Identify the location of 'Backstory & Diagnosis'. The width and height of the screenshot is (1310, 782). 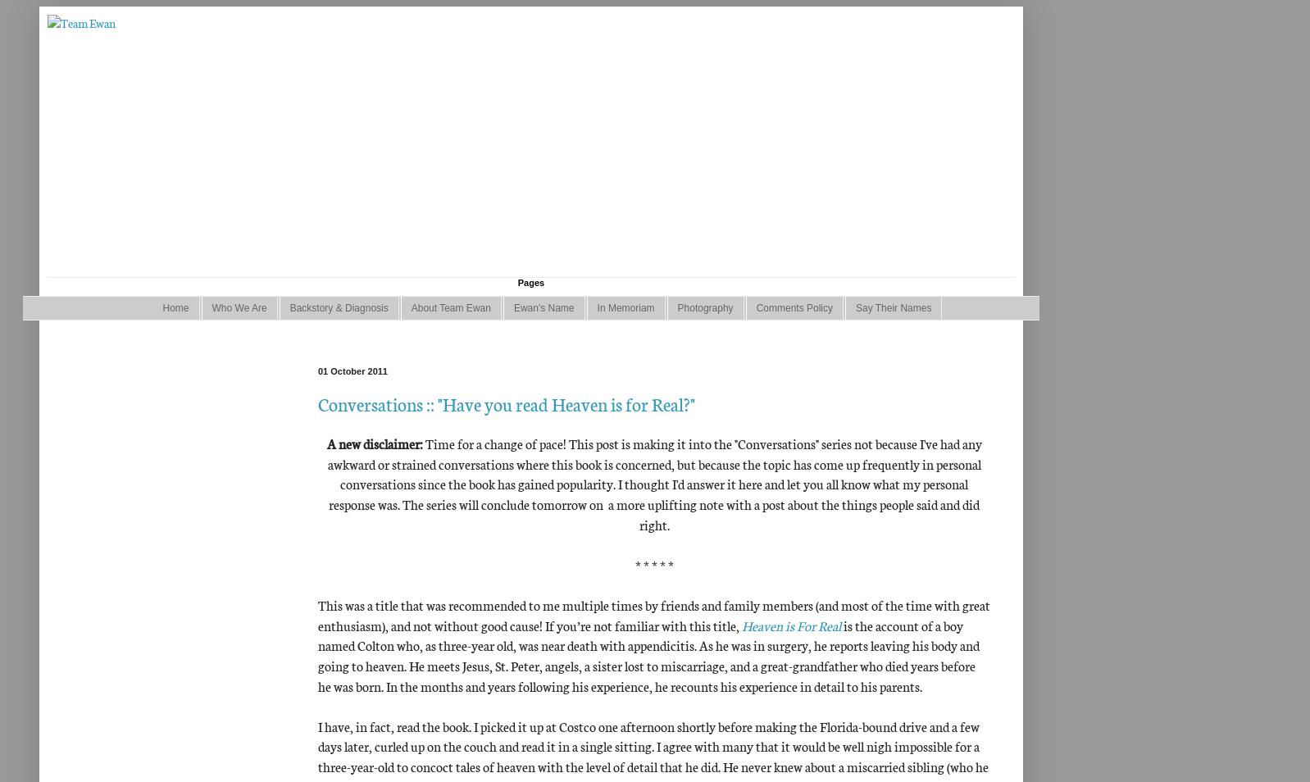
(338, 307).